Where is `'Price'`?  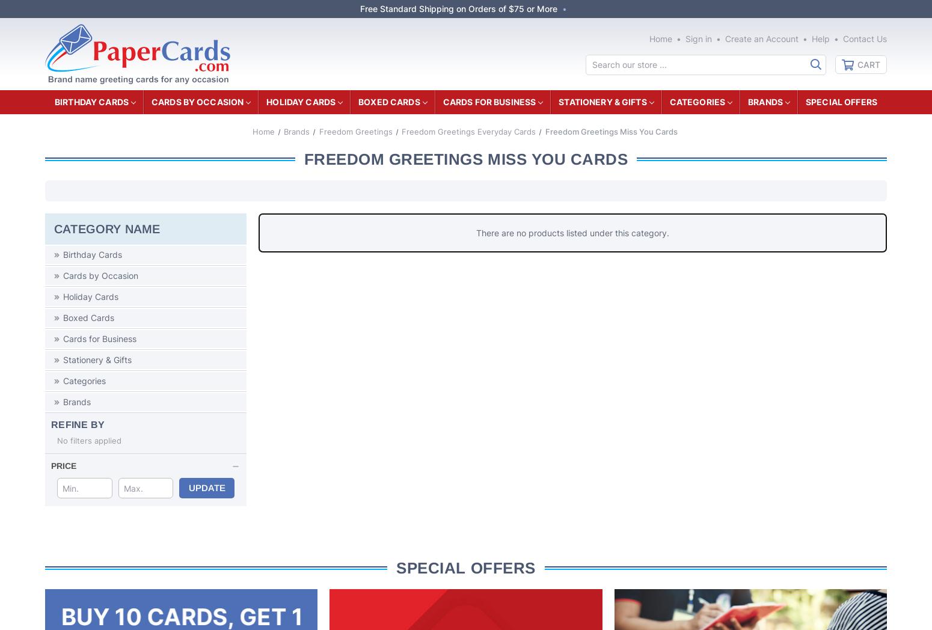
'Price' is located at coordinates (64, 465).